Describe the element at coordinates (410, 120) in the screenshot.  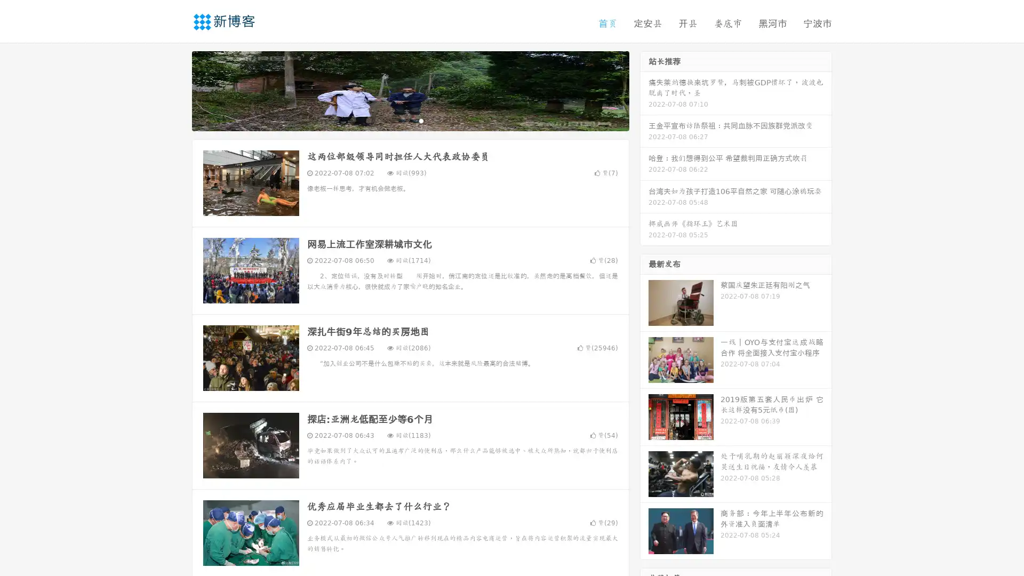
I see `Go to slide 2` at that location.